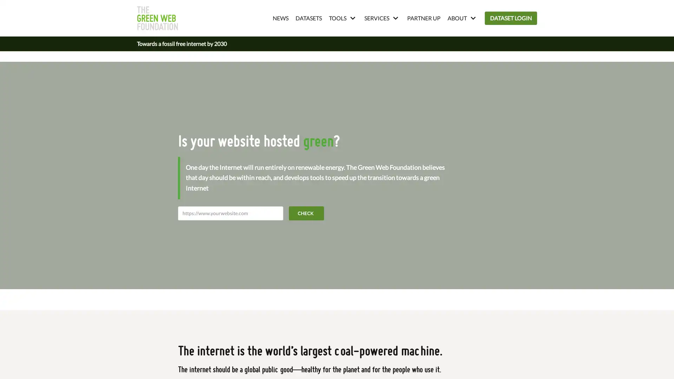  What do you see at coordinates (306, 212) in the screenshot?
I see `CHECK` at bounding box center [306, 212].